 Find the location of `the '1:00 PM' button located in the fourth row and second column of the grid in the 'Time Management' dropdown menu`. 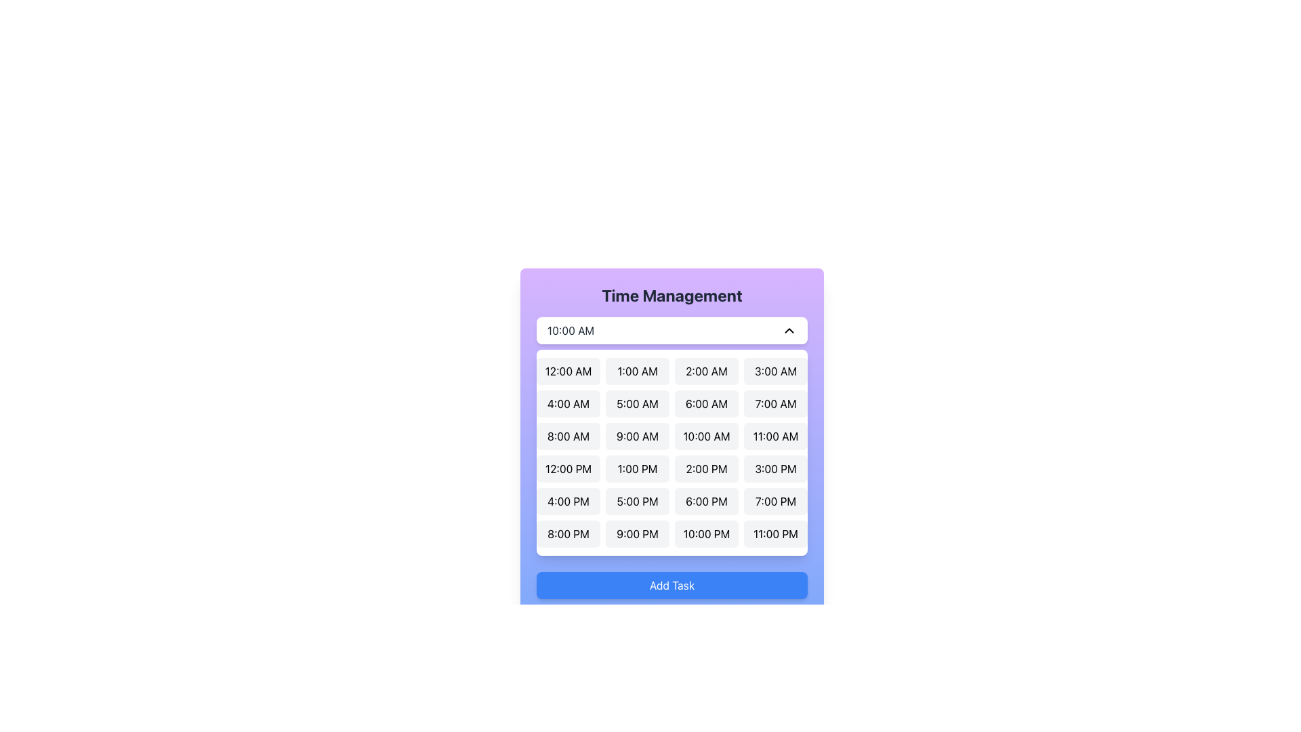

the '1:00 PM' button located in the fourth row and second column of the grid in the 'Time Management' dropdown menu is located at coordinates (636, 468).